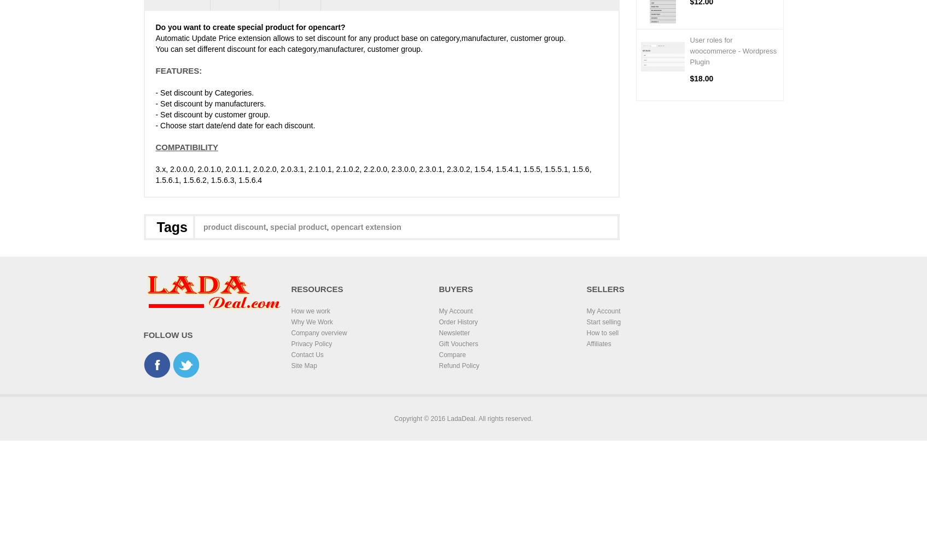 This screenshot has width=927, height=546. Describe the element at coordinates (439, 321) in the screenshot. I see `'Order History'` at that location.